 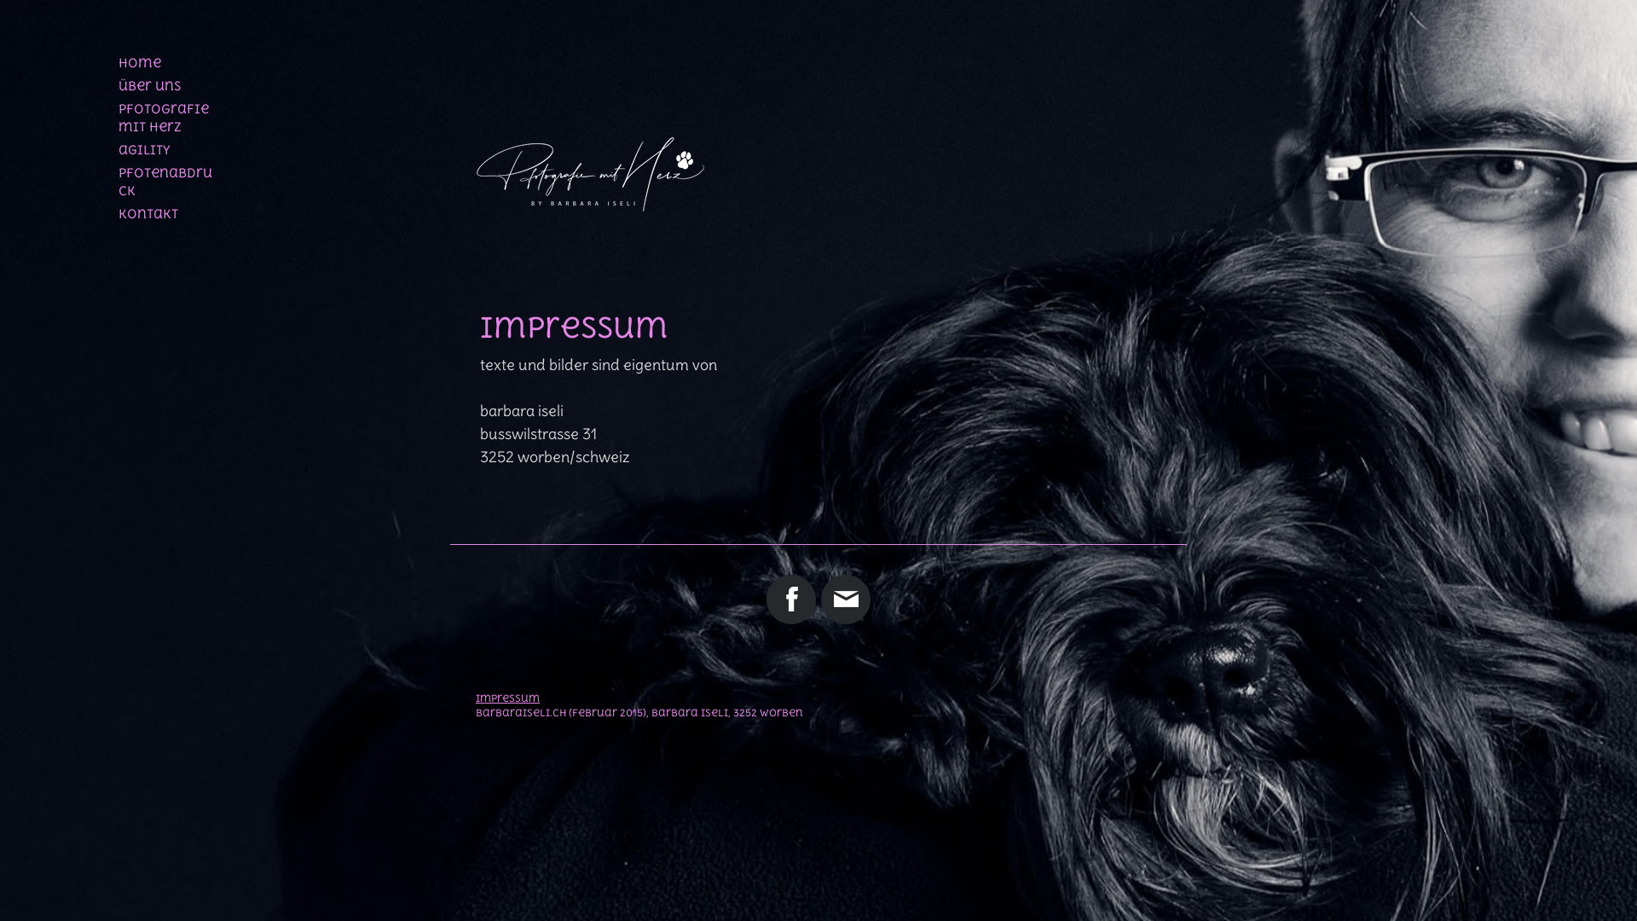 What do you see at coordinates (167, 148) in the screenshot?
I see `'agility'` at bounding box center [167, 148].